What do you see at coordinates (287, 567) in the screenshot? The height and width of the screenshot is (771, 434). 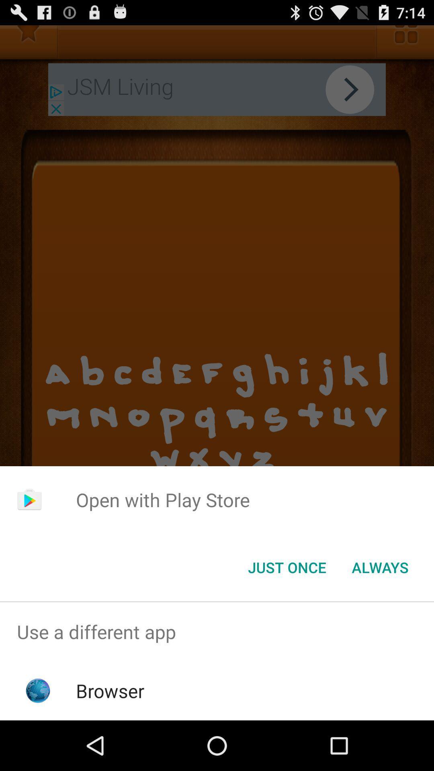 I see `just once button` at bounding box center [287, 567].